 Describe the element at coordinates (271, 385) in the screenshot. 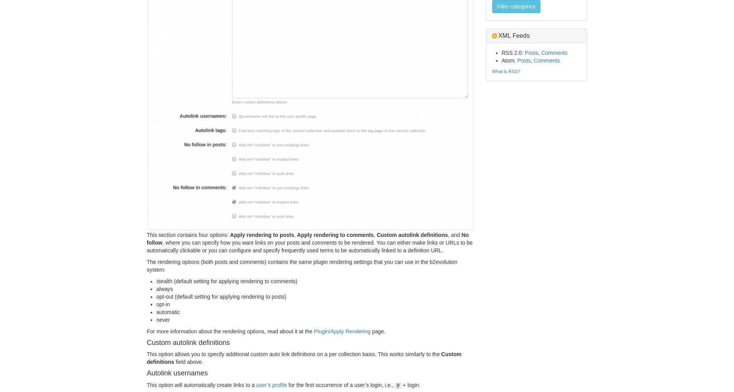

I see `'user’s profile'` at that location.